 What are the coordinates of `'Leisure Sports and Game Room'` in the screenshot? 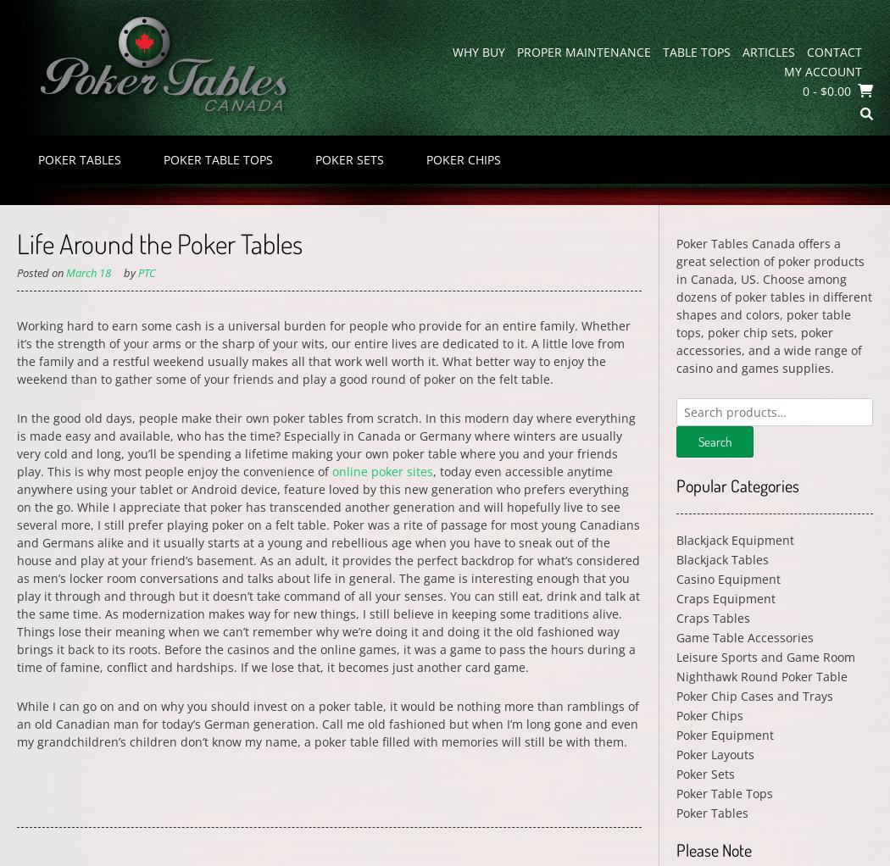 It's located at (674, 657).